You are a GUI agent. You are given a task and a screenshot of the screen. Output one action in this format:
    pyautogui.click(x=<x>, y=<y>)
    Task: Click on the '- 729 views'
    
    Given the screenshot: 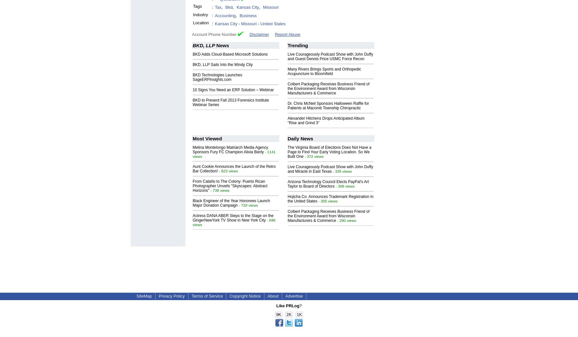 What is the action you would take?
    pyautogui.click(x=247, y=205)
    